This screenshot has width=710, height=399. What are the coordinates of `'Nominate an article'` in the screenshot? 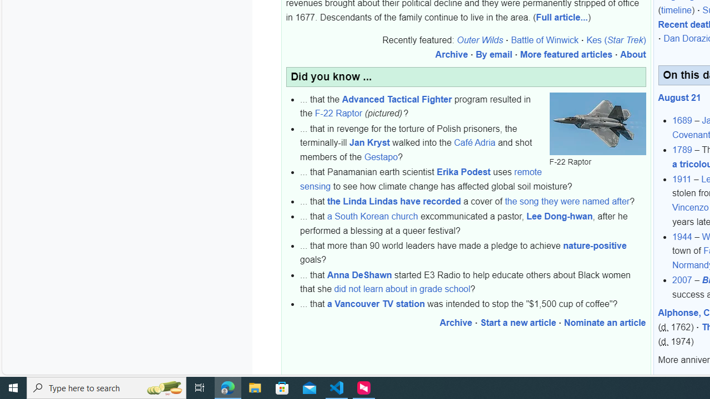 It's located at (604, 323).